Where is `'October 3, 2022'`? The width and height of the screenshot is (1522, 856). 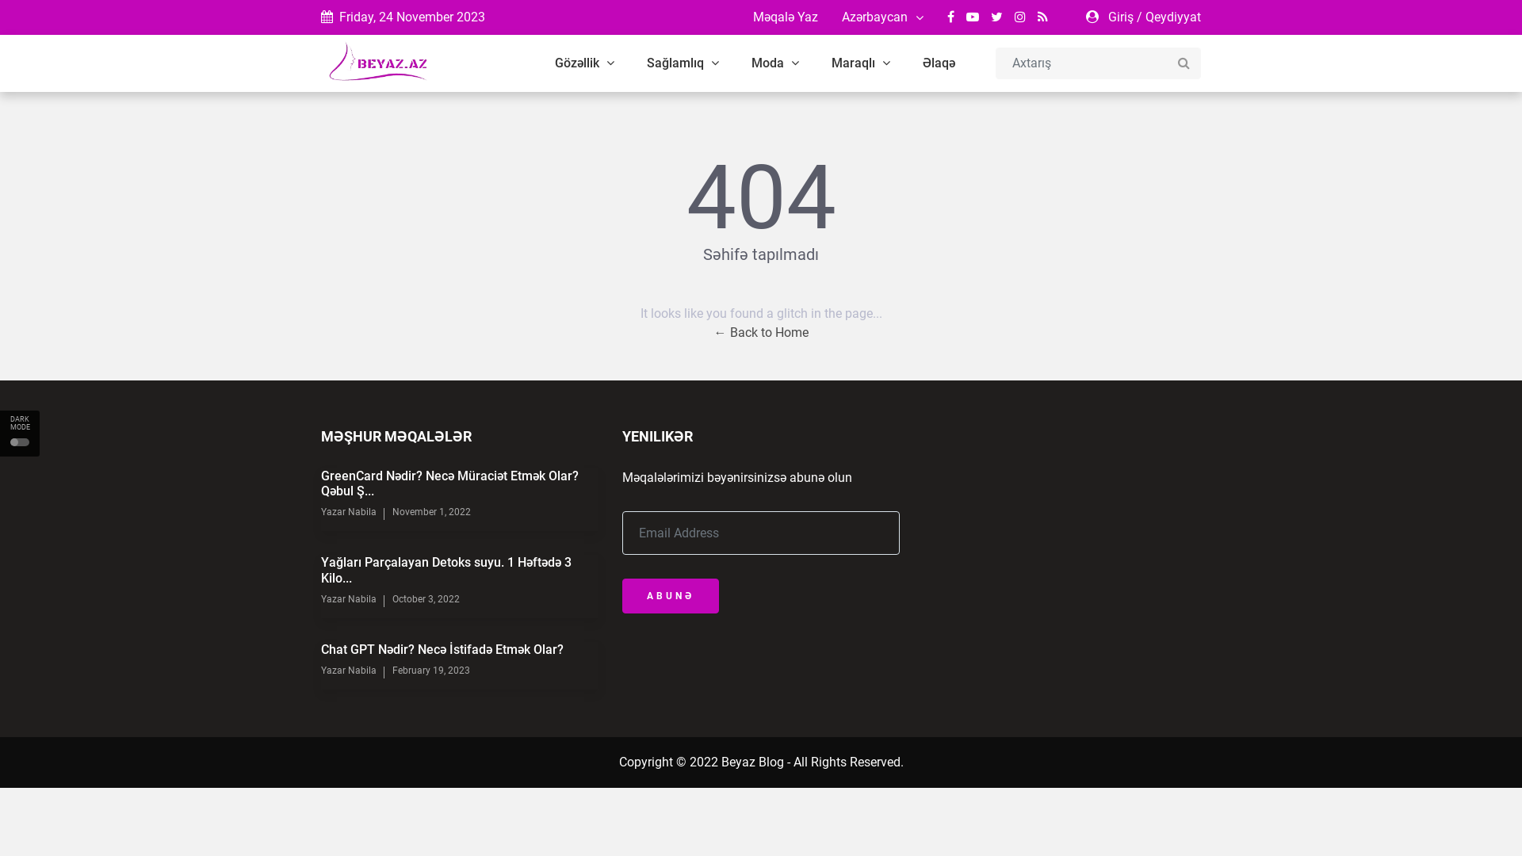 'October 3, 2022' is located at coordinates (426, 599).